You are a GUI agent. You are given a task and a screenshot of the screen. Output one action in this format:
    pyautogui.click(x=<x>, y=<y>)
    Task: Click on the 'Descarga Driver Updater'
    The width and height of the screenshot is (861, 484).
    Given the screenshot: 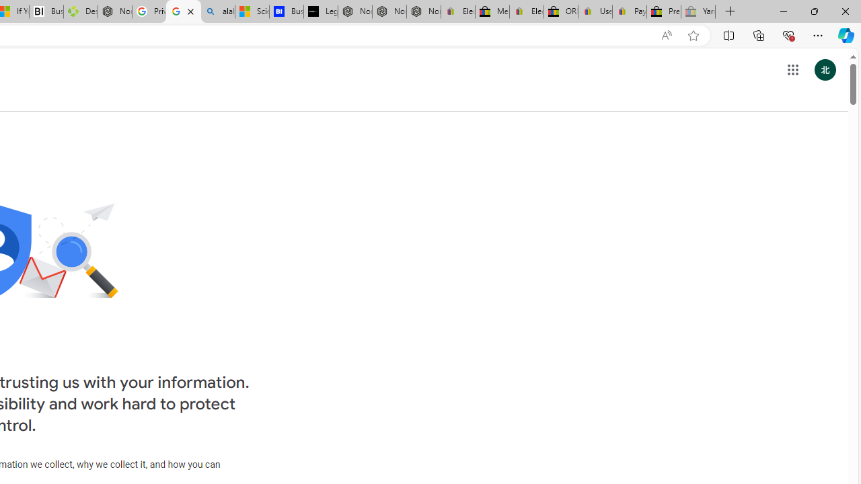 What is the action you would take?
    pyautogui.click(x=79, y=11)
    